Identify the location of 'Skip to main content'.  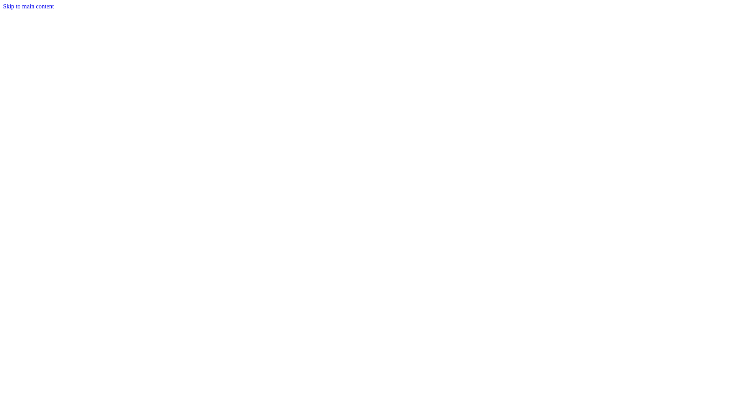
(28, 6).